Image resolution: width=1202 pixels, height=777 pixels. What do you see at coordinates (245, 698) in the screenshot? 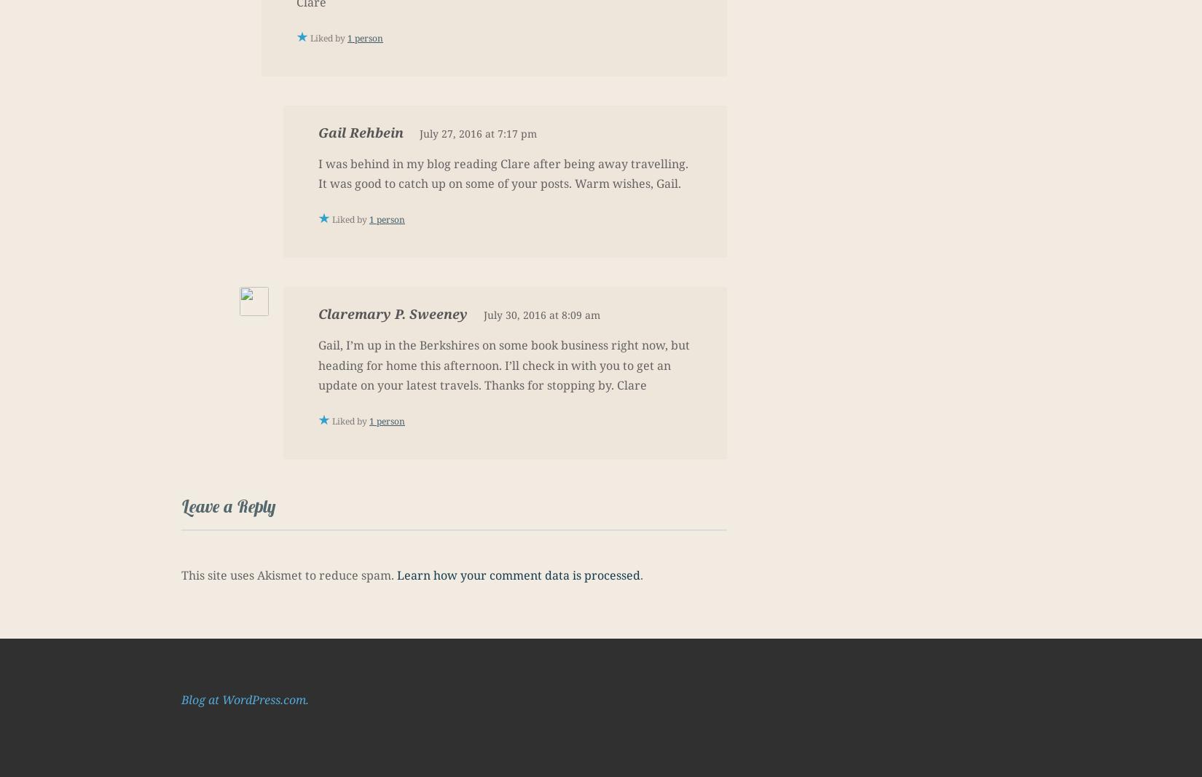
I see `'Blog at WordPress.com.'` at bounding box center [245, 698].